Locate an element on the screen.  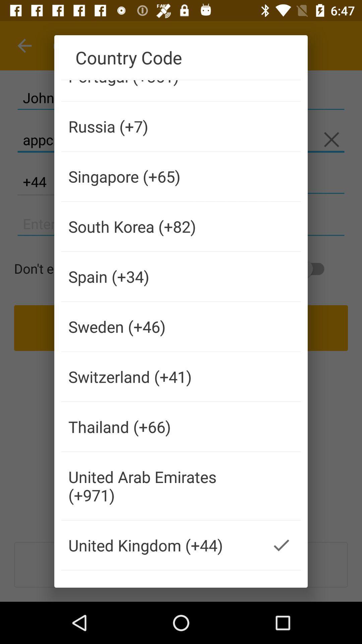
icon below the russia (+7) icon is located at coordinates (162, 176).